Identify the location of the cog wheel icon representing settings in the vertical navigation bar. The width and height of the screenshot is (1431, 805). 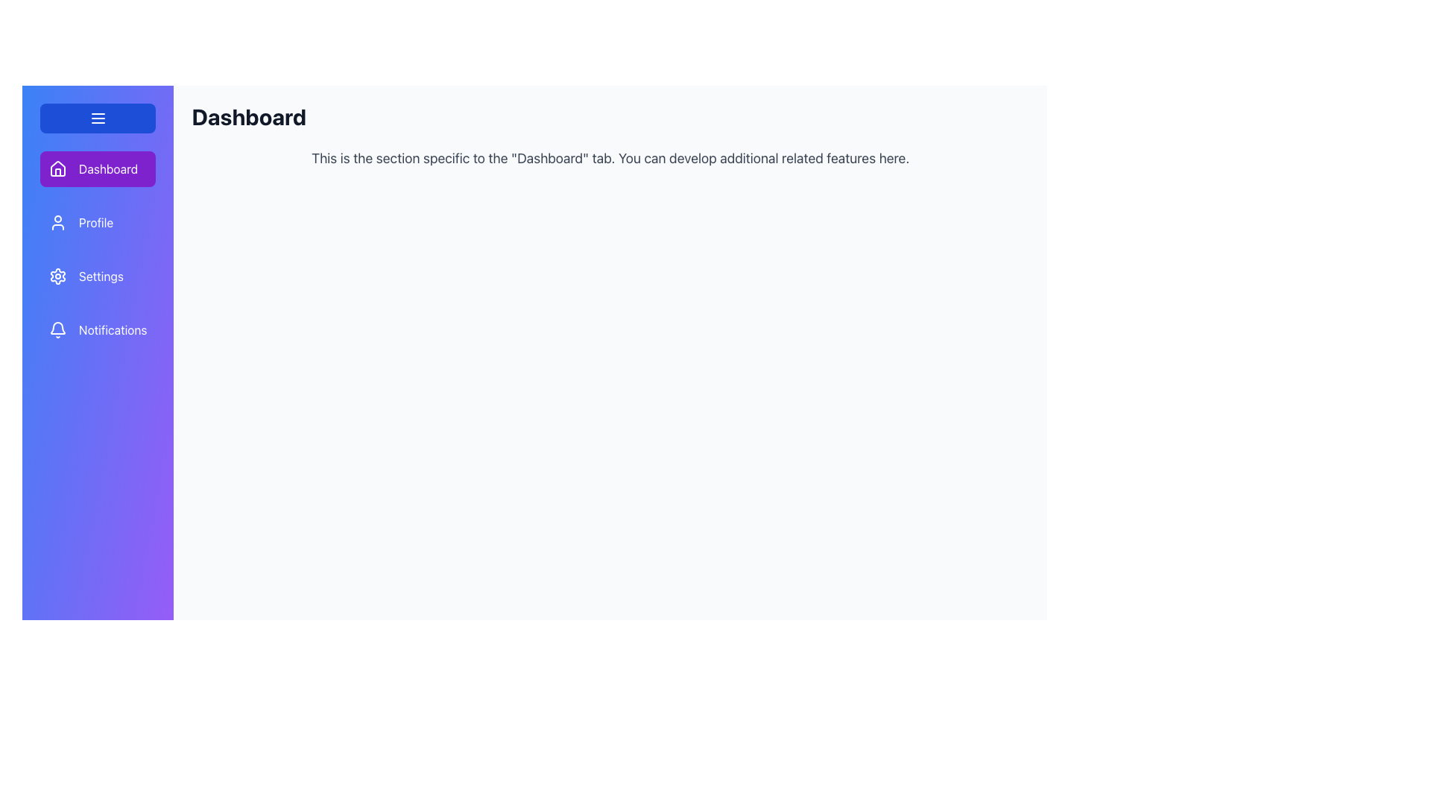
(57, 276).